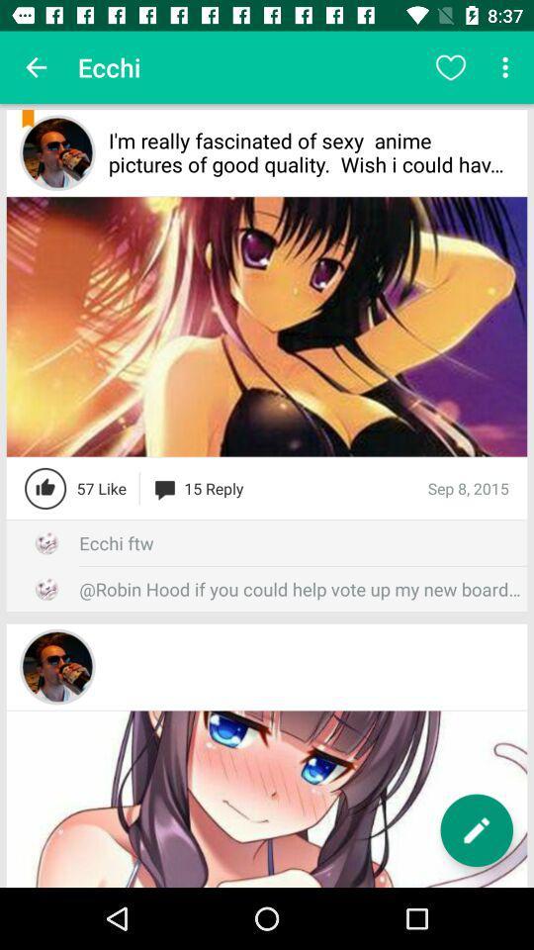 This screenshot has height=950, width=534. Describe the element at coordinates (476, 830) in the screenshot. I see `the edit icon` at that location.